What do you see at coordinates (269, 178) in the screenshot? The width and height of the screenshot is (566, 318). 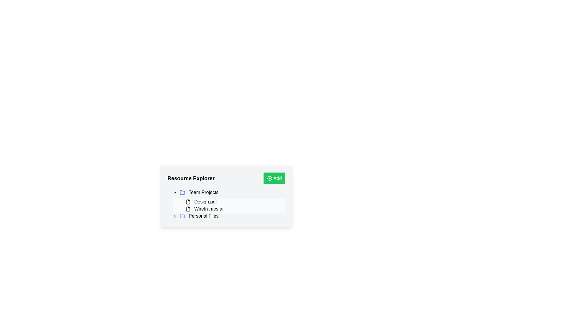 I see `the Decorative SVG graphic that enhances the 'Add' button in the top-right corner of the 'Resource Explorer' interface` at bounding box center [269, 178].